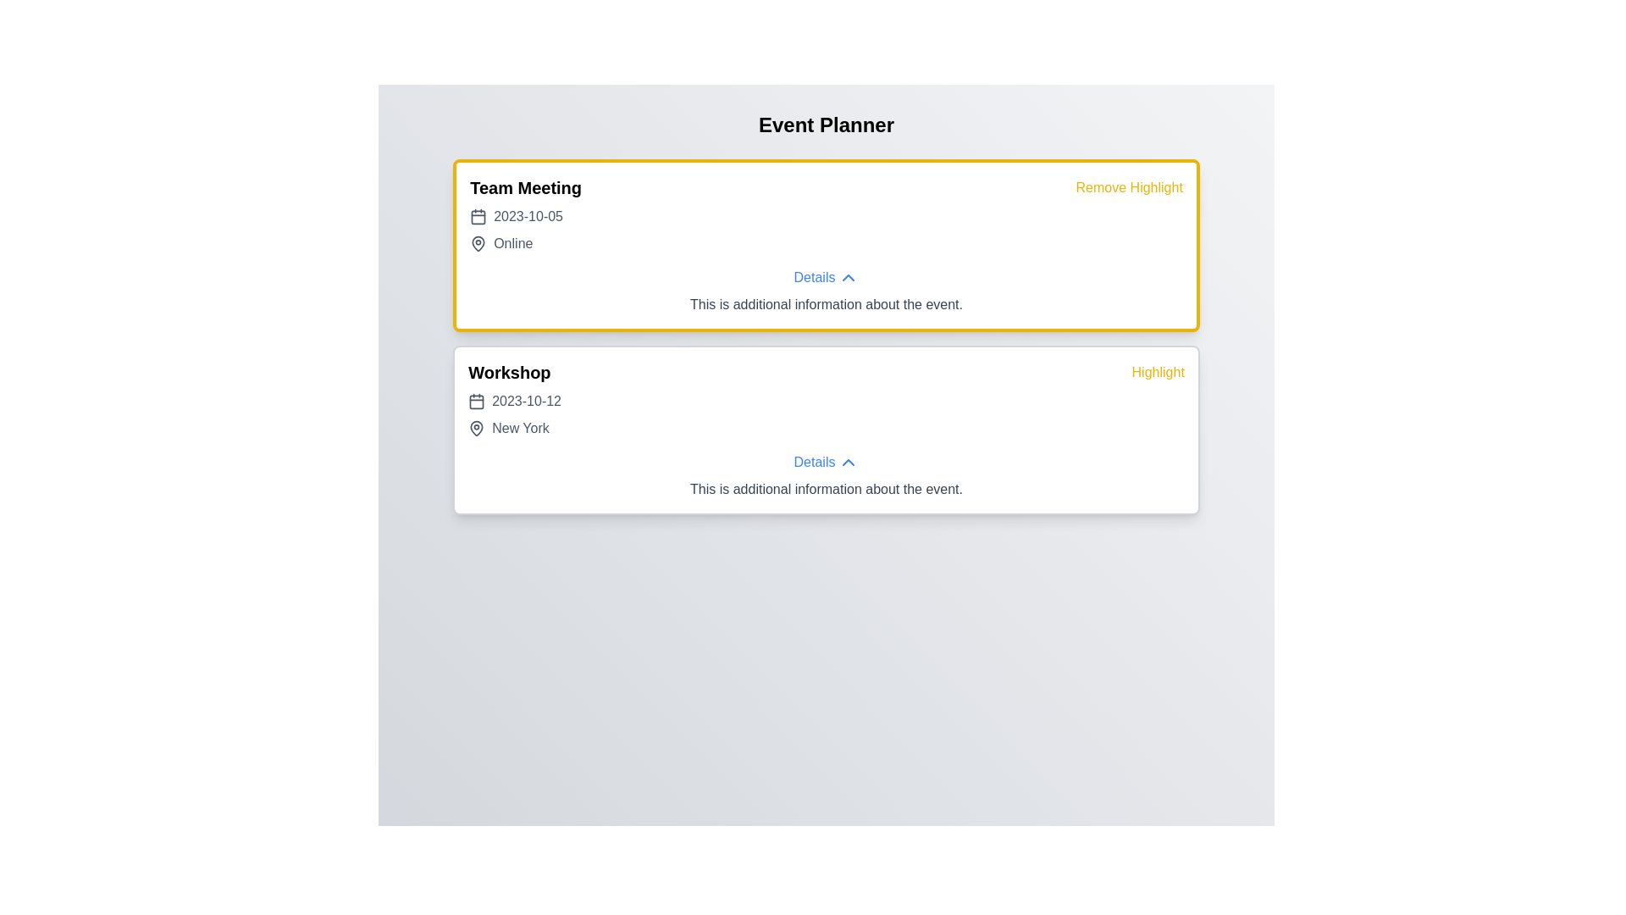 This screenshot has width=1626, height=915. I want to click on the small upward-facing chevron icon styled in blue, located to the right of the 'Details' label within the second event card for the 'Workshop' event, so click(849, 463).